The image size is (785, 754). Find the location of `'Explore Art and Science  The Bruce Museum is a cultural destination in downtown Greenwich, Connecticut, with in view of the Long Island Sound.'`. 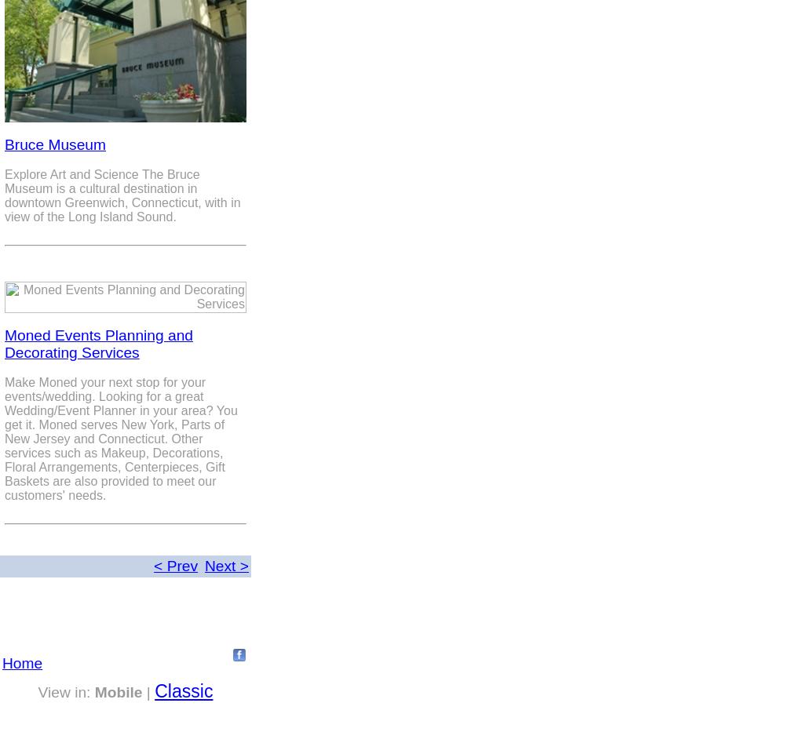

'Explore Art and Science  The Bruce Museum is a cultural destination in downtown Greenwich, Connecticut, with in view of the Long Island Sound.' is located at coordinates (122, 195).